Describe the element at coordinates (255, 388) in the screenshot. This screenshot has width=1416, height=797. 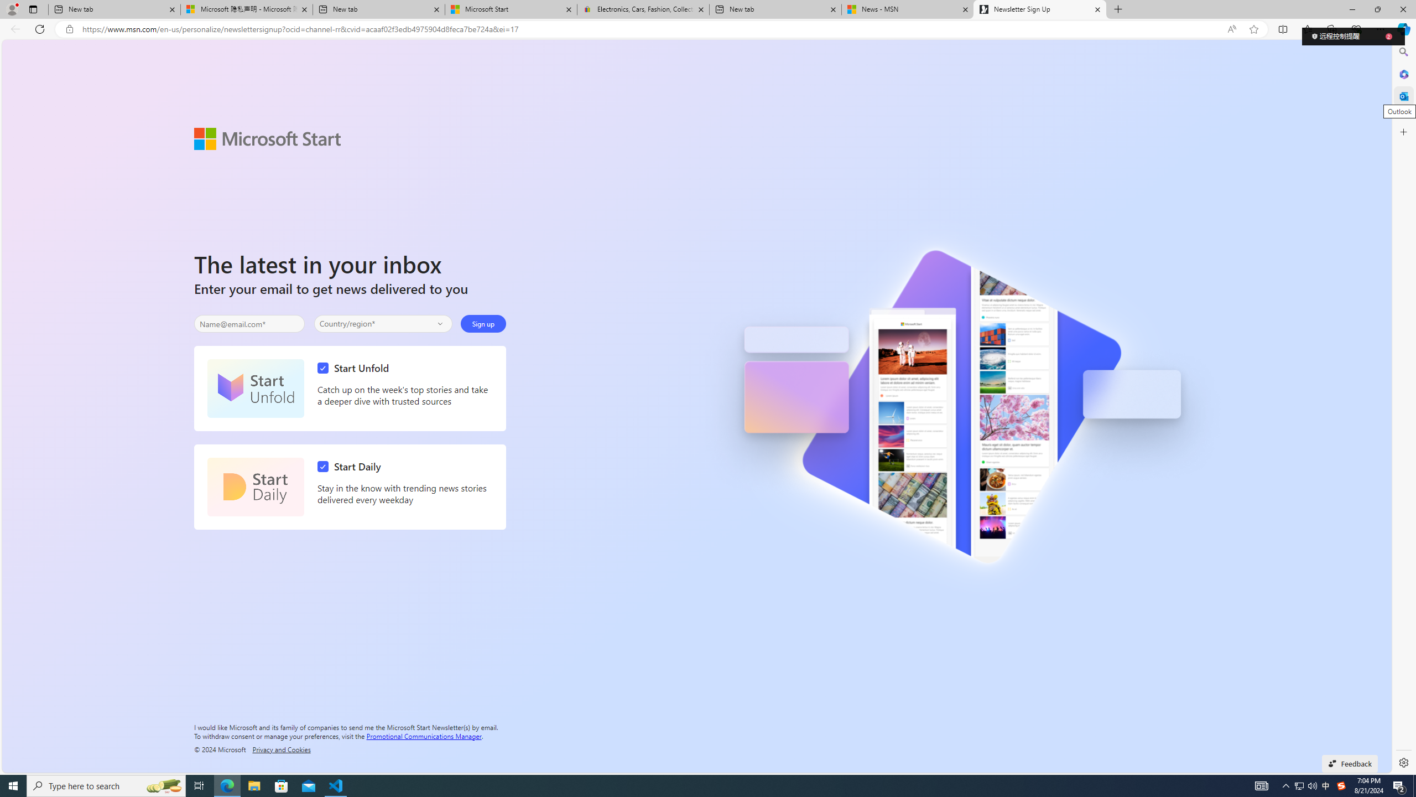
I see `'Start Unfold'` at that location.